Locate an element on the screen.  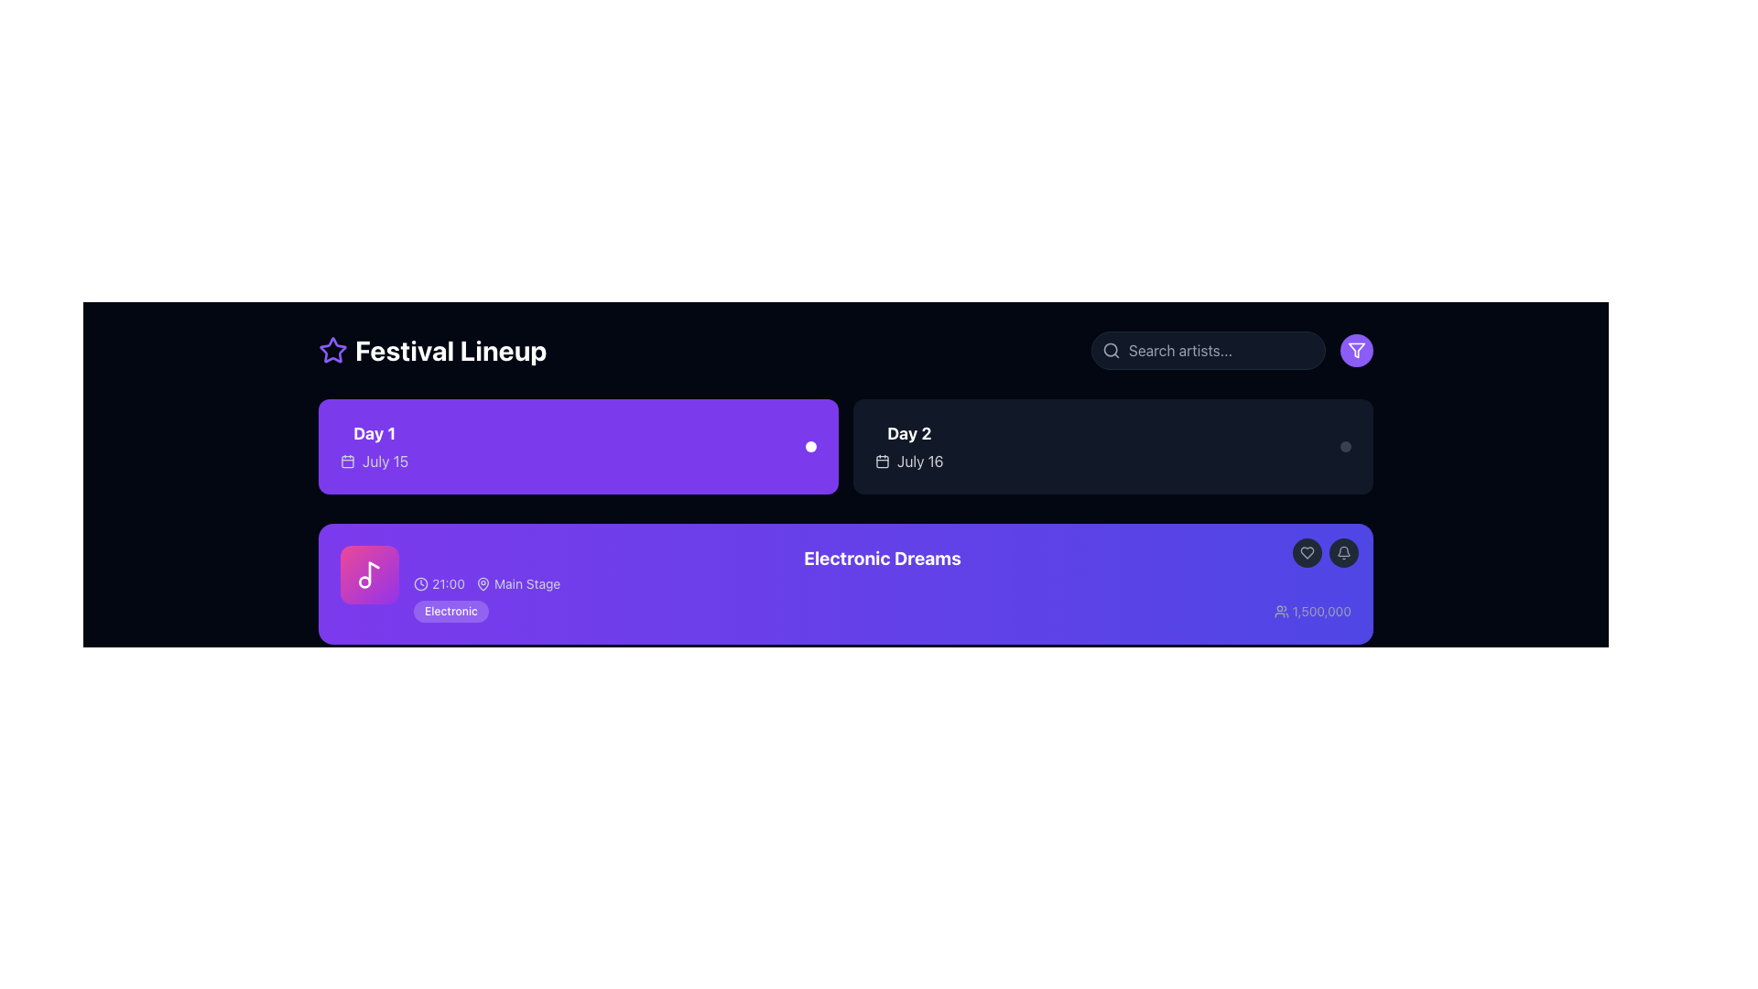
text of the headline label located at the center-top of the purple event card to understand the event title is located at coordinates (883, 557).